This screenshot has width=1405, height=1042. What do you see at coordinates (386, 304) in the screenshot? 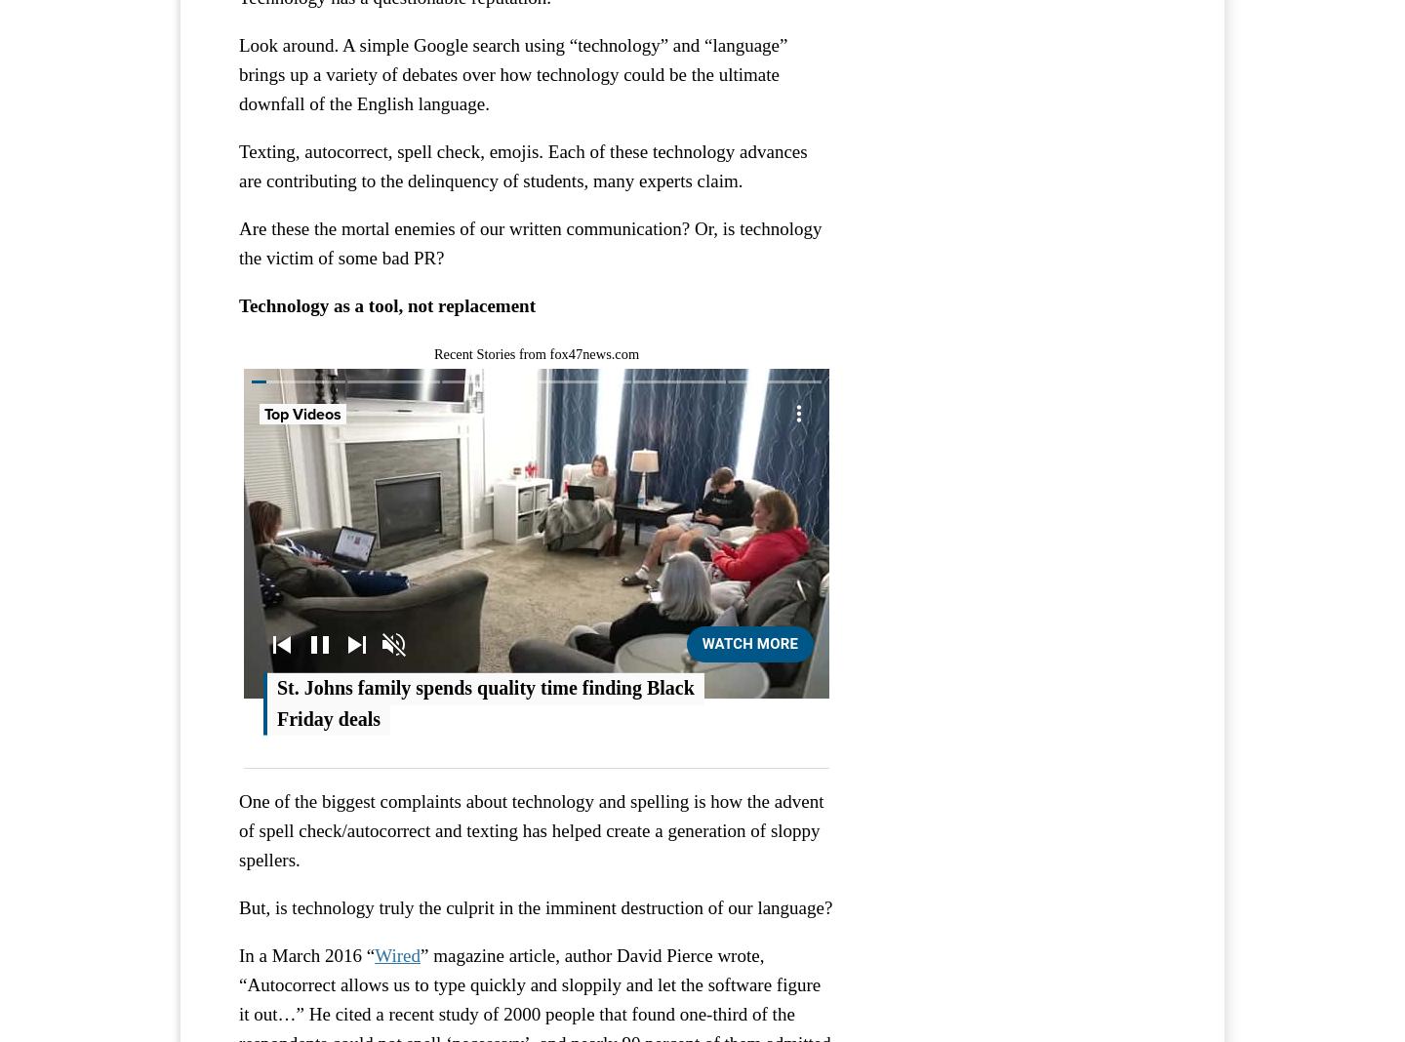
I see `'Technology as a tool, not replacement'` at bounding box center [386, 304].